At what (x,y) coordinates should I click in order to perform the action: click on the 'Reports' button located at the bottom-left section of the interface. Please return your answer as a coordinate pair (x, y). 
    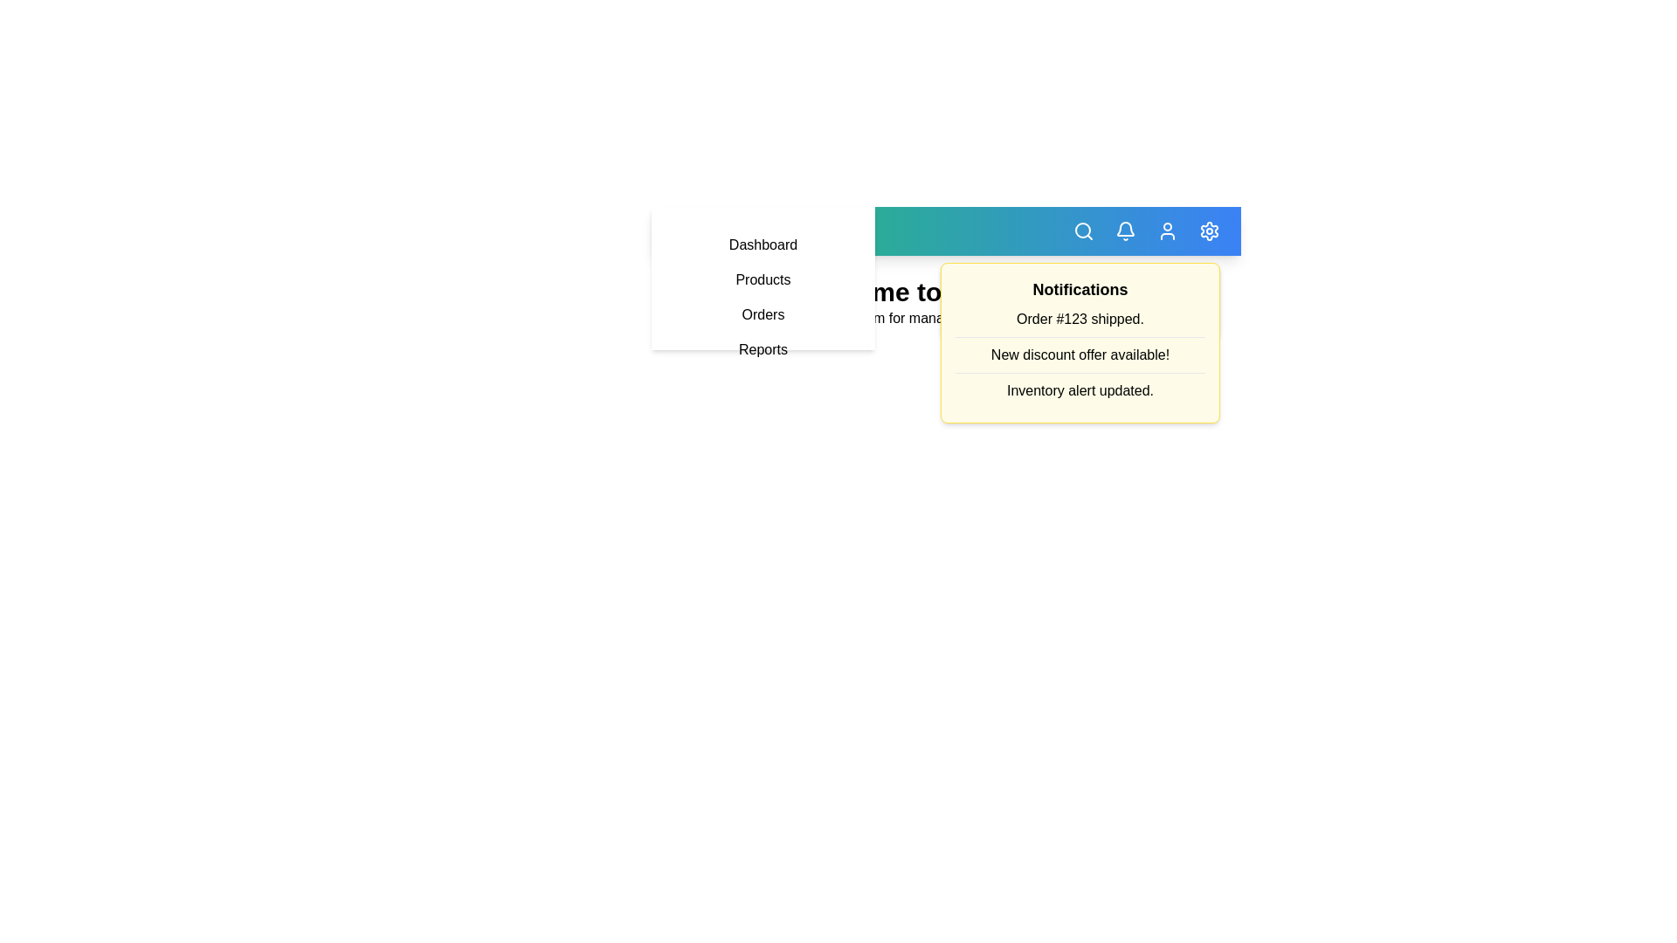
    Looking at the image, I should click on (763, 350).